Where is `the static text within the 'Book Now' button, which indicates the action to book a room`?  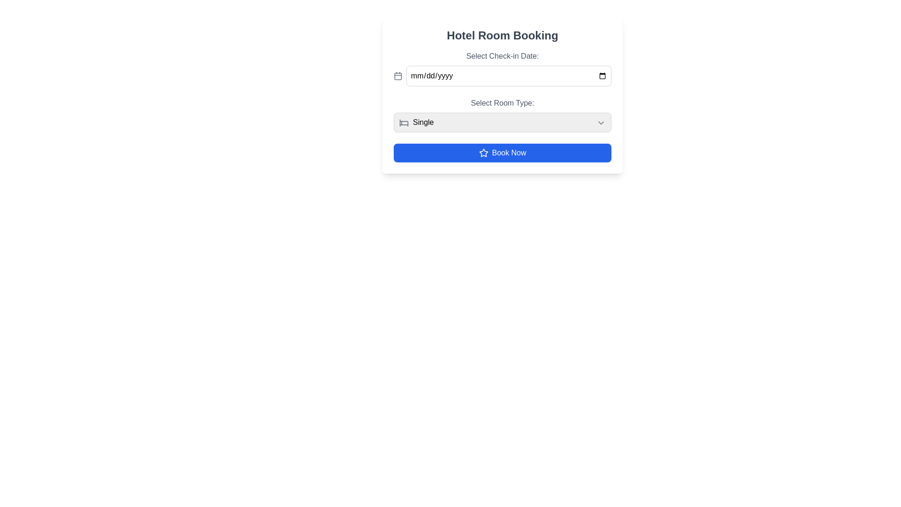 the static text within the 'Book Now' button, which indicates the action to book a room is located at coordinates (508, 153).